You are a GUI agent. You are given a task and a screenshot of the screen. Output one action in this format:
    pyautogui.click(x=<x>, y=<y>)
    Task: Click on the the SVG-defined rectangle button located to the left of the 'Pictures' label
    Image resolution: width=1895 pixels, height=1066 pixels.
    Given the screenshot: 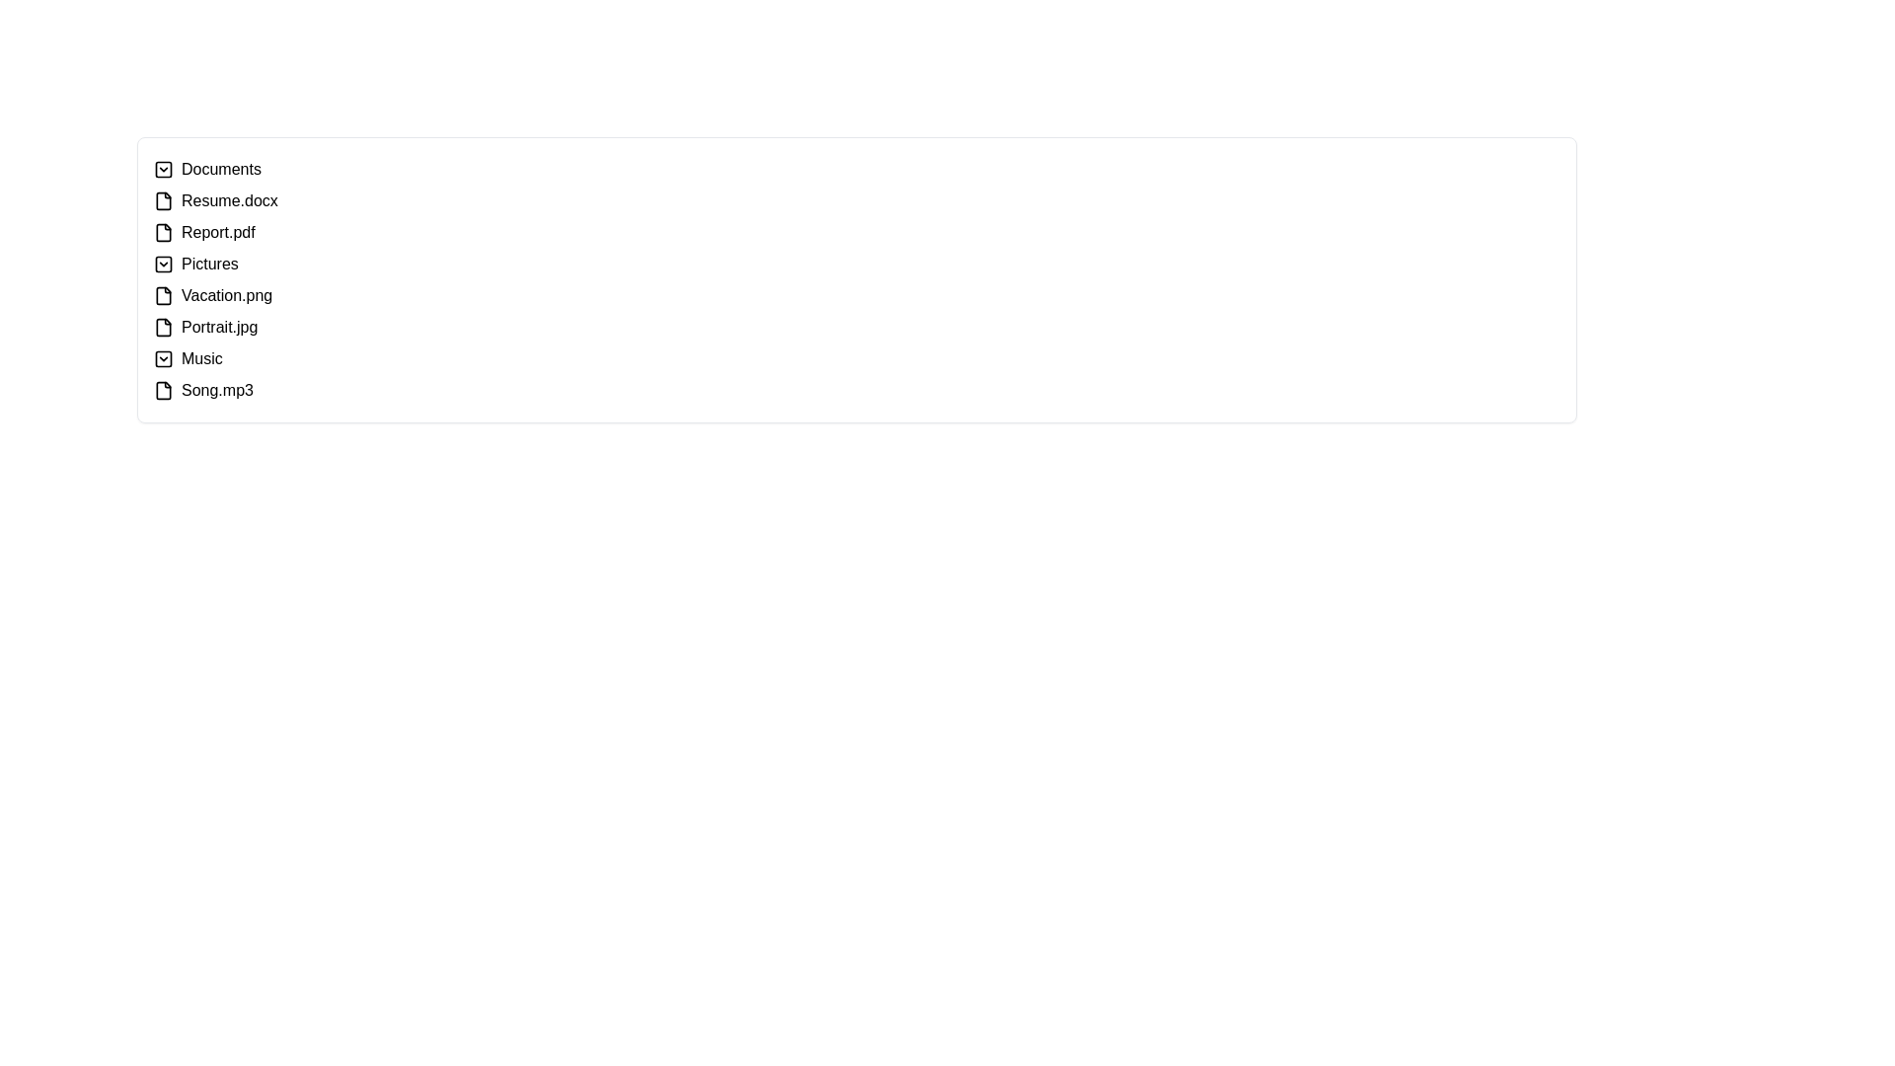 What is the action you would take?
    pyautogui.click(x=164, y=263)
    